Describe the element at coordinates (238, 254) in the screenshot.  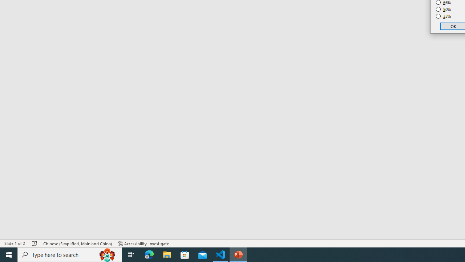
I see `'PowerPoint - 1 running window'` at that location.